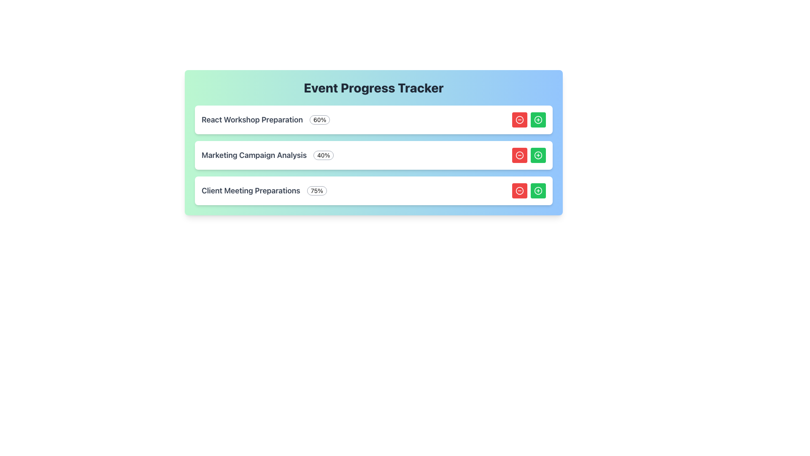 The width and height of the screenshot is (810, 456). Describe the element at coordinates (254, 155) in the screenshot. I see `the Text Label that describes the progress entry for 'Marketing Campaign Analysis', which is located in the second row of a vertical layout` at that location.